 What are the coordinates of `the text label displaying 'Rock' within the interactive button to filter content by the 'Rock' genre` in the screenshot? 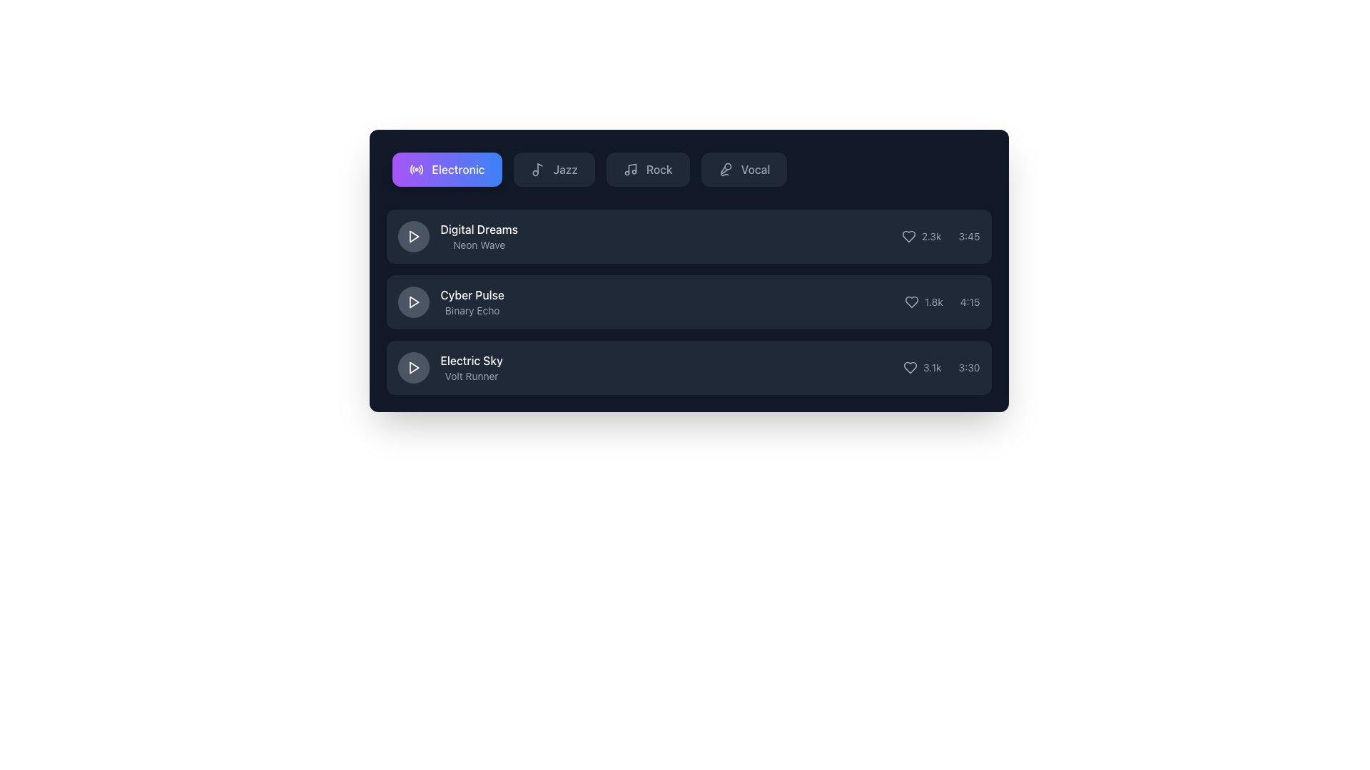 It's located at (659, 169).